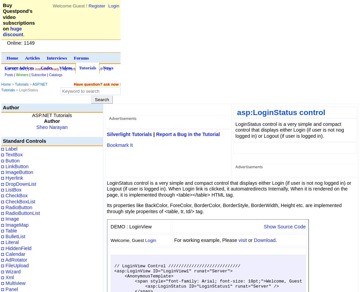 The width and height of the screenshot is (360, 292). What do you see at coordinates (38, 75) in the screenshot?
I see `'Subscribe'` at bounding box center [38, 75].